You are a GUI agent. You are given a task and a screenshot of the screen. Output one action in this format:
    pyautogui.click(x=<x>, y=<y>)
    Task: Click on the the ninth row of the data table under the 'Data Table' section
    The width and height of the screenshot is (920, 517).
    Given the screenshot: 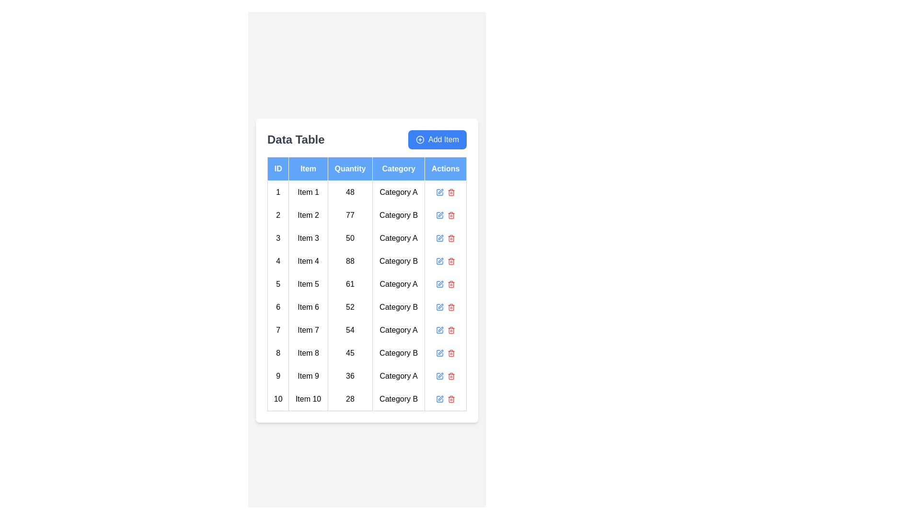 What is the action you would take?
    pyautogui.click(x=367, y=375)
    